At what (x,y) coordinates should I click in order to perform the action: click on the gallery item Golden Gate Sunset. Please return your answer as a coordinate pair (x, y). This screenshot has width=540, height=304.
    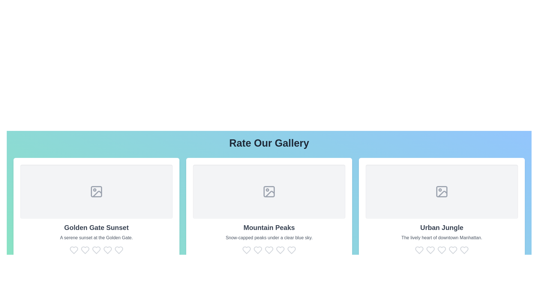
    Looking at the image, I should click on (96, 209).